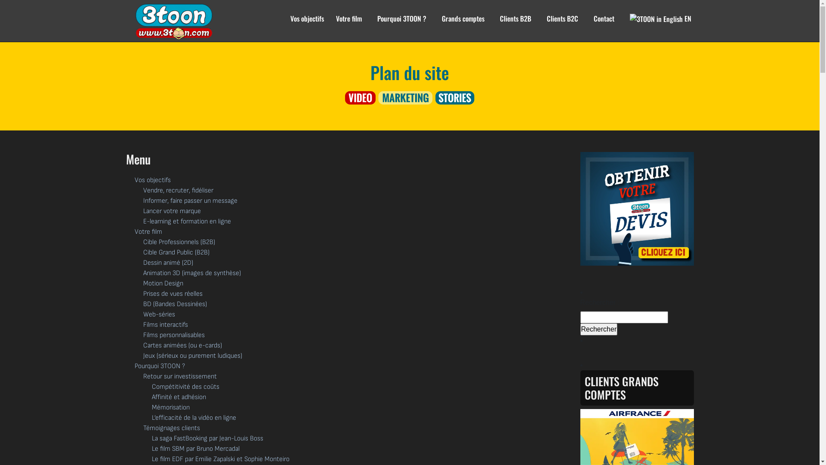 This screenshot has width=826, height=465. What do you see at coordinates (598, 329) in the screenshot?
I see `'Rechercher'` at bounding box center [598, 329].